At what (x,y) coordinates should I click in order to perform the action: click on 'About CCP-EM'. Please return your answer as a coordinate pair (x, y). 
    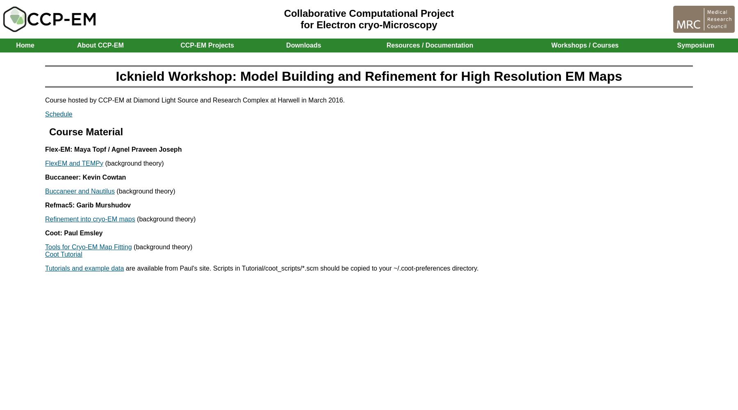
    Looking at the image, I should click on (100, 45).